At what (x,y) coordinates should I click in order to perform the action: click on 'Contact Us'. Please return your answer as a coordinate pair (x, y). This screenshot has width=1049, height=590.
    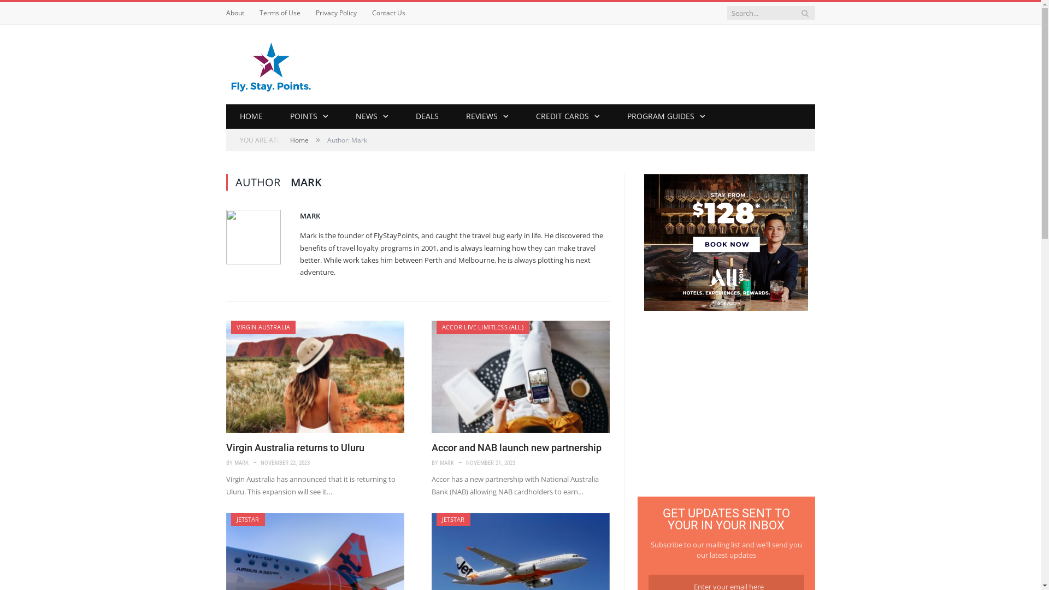
    Looking at the image, I should click on (388, 13).